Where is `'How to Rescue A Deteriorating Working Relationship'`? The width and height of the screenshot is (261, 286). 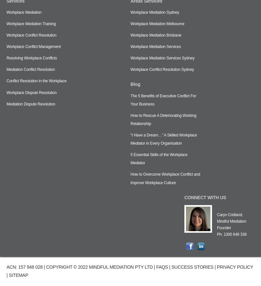
'How to Rescue A Deteriorating Working Relationship' is located at coordinates (163, 119).